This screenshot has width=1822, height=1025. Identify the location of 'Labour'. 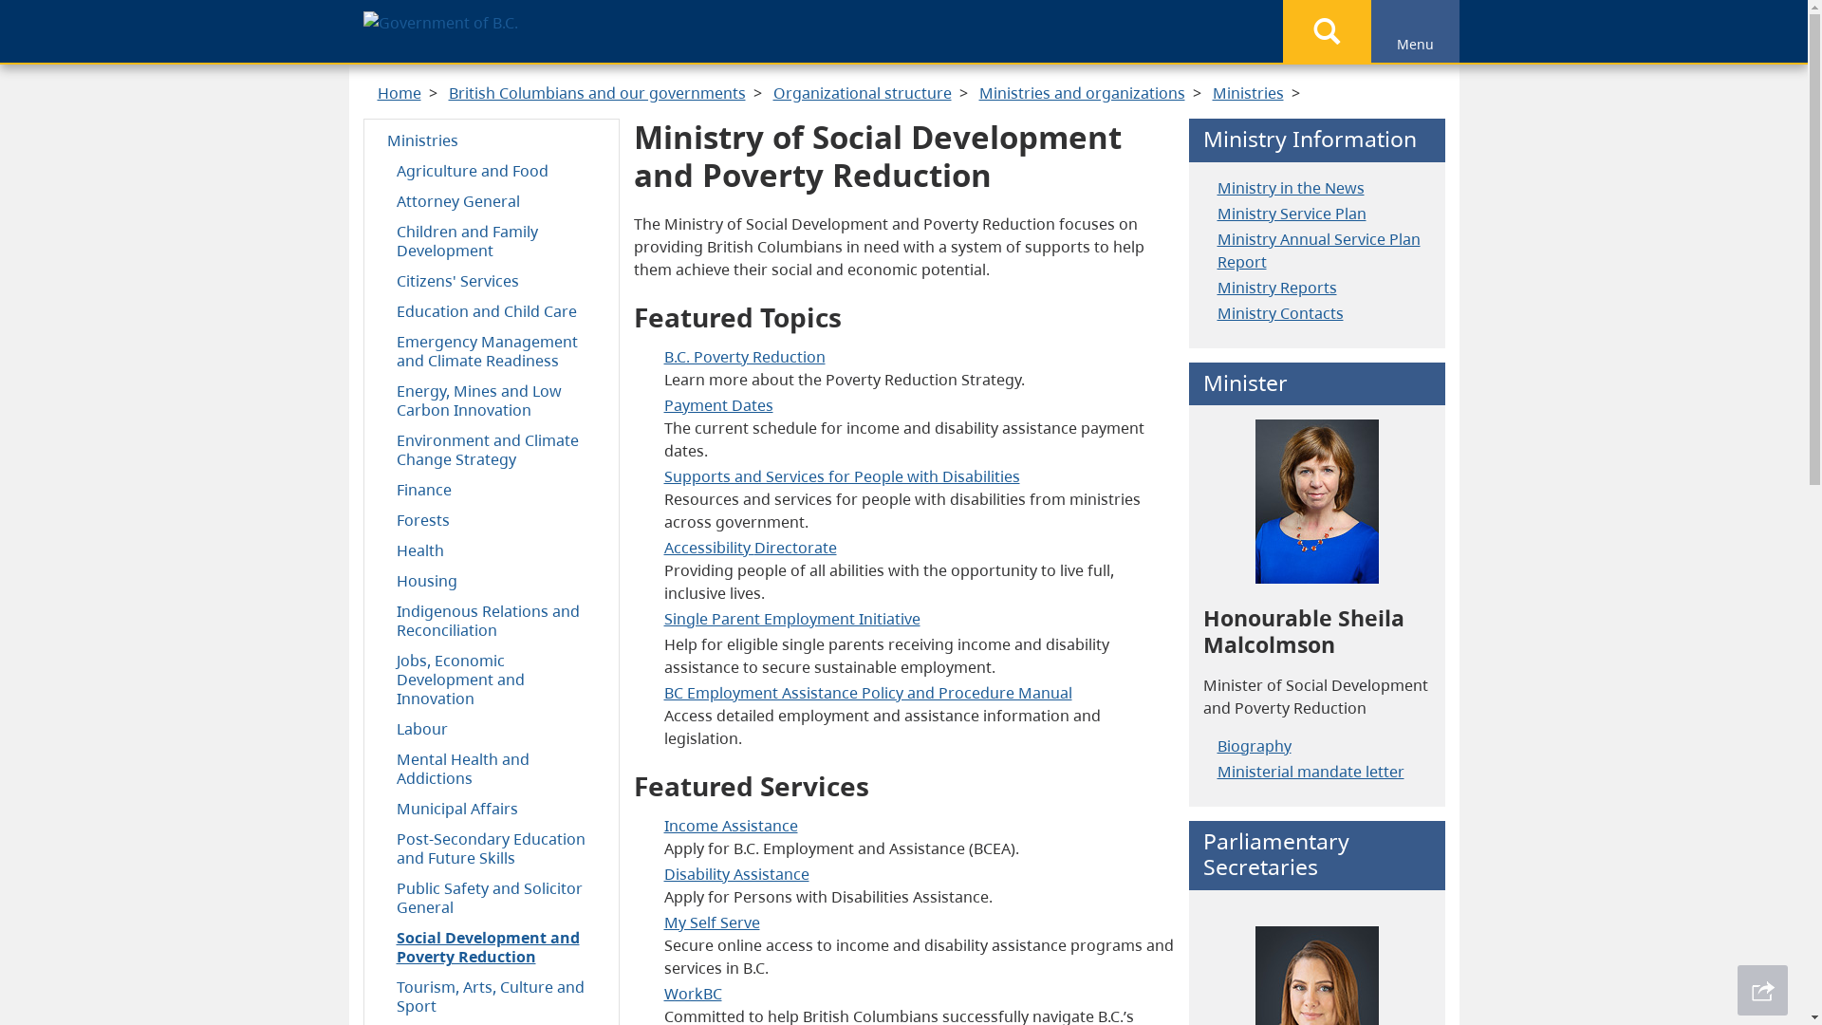
(492, 727).